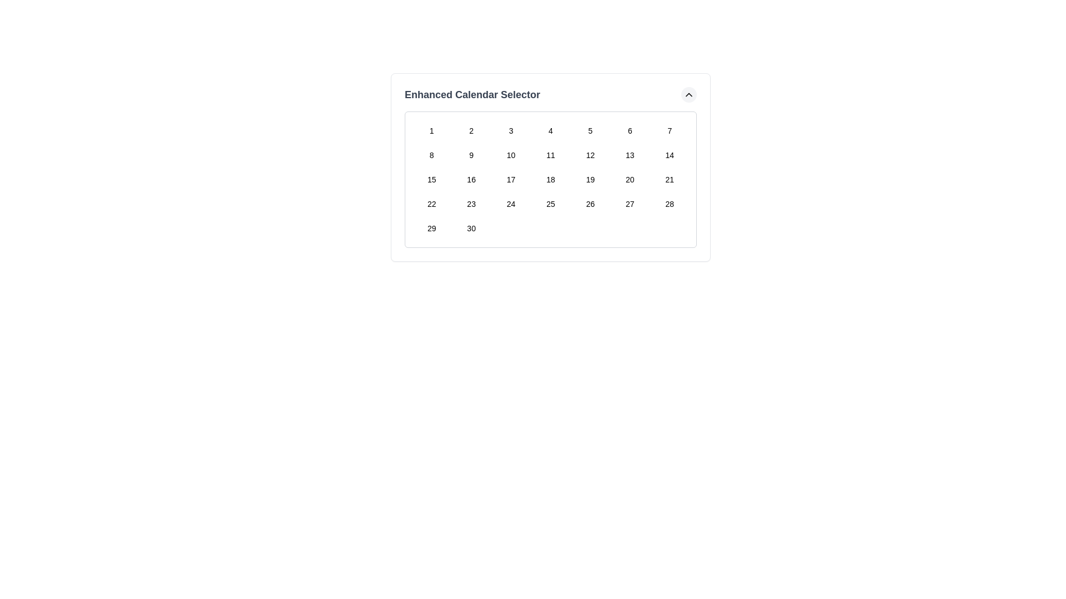 The width and height of the screenshot is (1066, 599). I want to click on the selectable date button located in the fourth row and fifth column of the grid in the 'Enhanced Calendar Selector', so click(551, 204).